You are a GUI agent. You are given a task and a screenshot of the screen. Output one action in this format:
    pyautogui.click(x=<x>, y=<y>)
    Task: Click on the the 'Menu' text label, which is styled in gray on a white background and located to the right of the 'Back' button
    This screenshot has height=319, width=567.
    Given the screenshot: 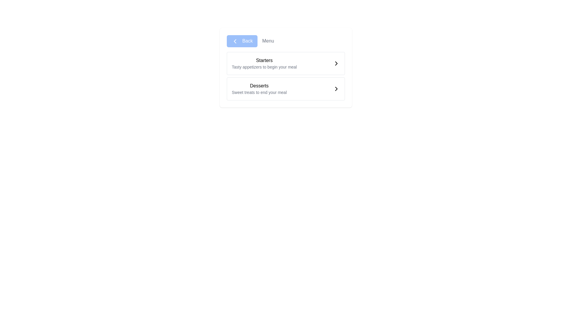 What is the action you would take?
    pyautogui.click(x=268, y=41)
    